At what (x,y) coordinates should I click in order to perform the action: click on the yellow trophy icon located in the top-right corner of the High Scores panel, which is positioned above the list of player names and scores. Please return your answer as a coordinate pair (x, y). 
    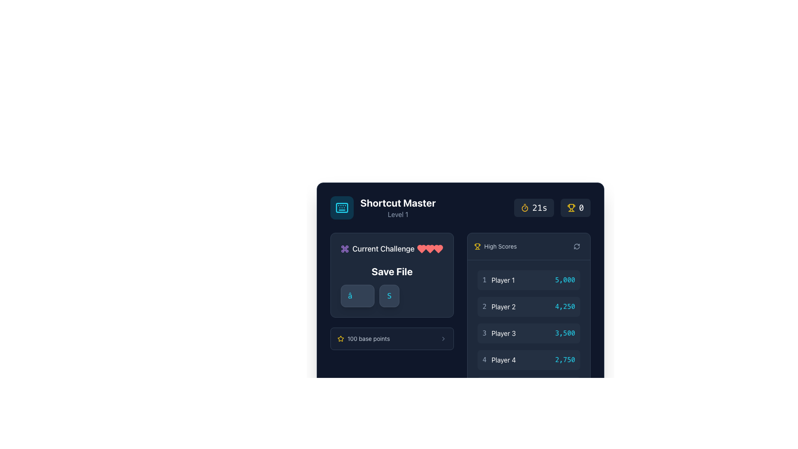
    Looking at the image, I should click on (477, 245).